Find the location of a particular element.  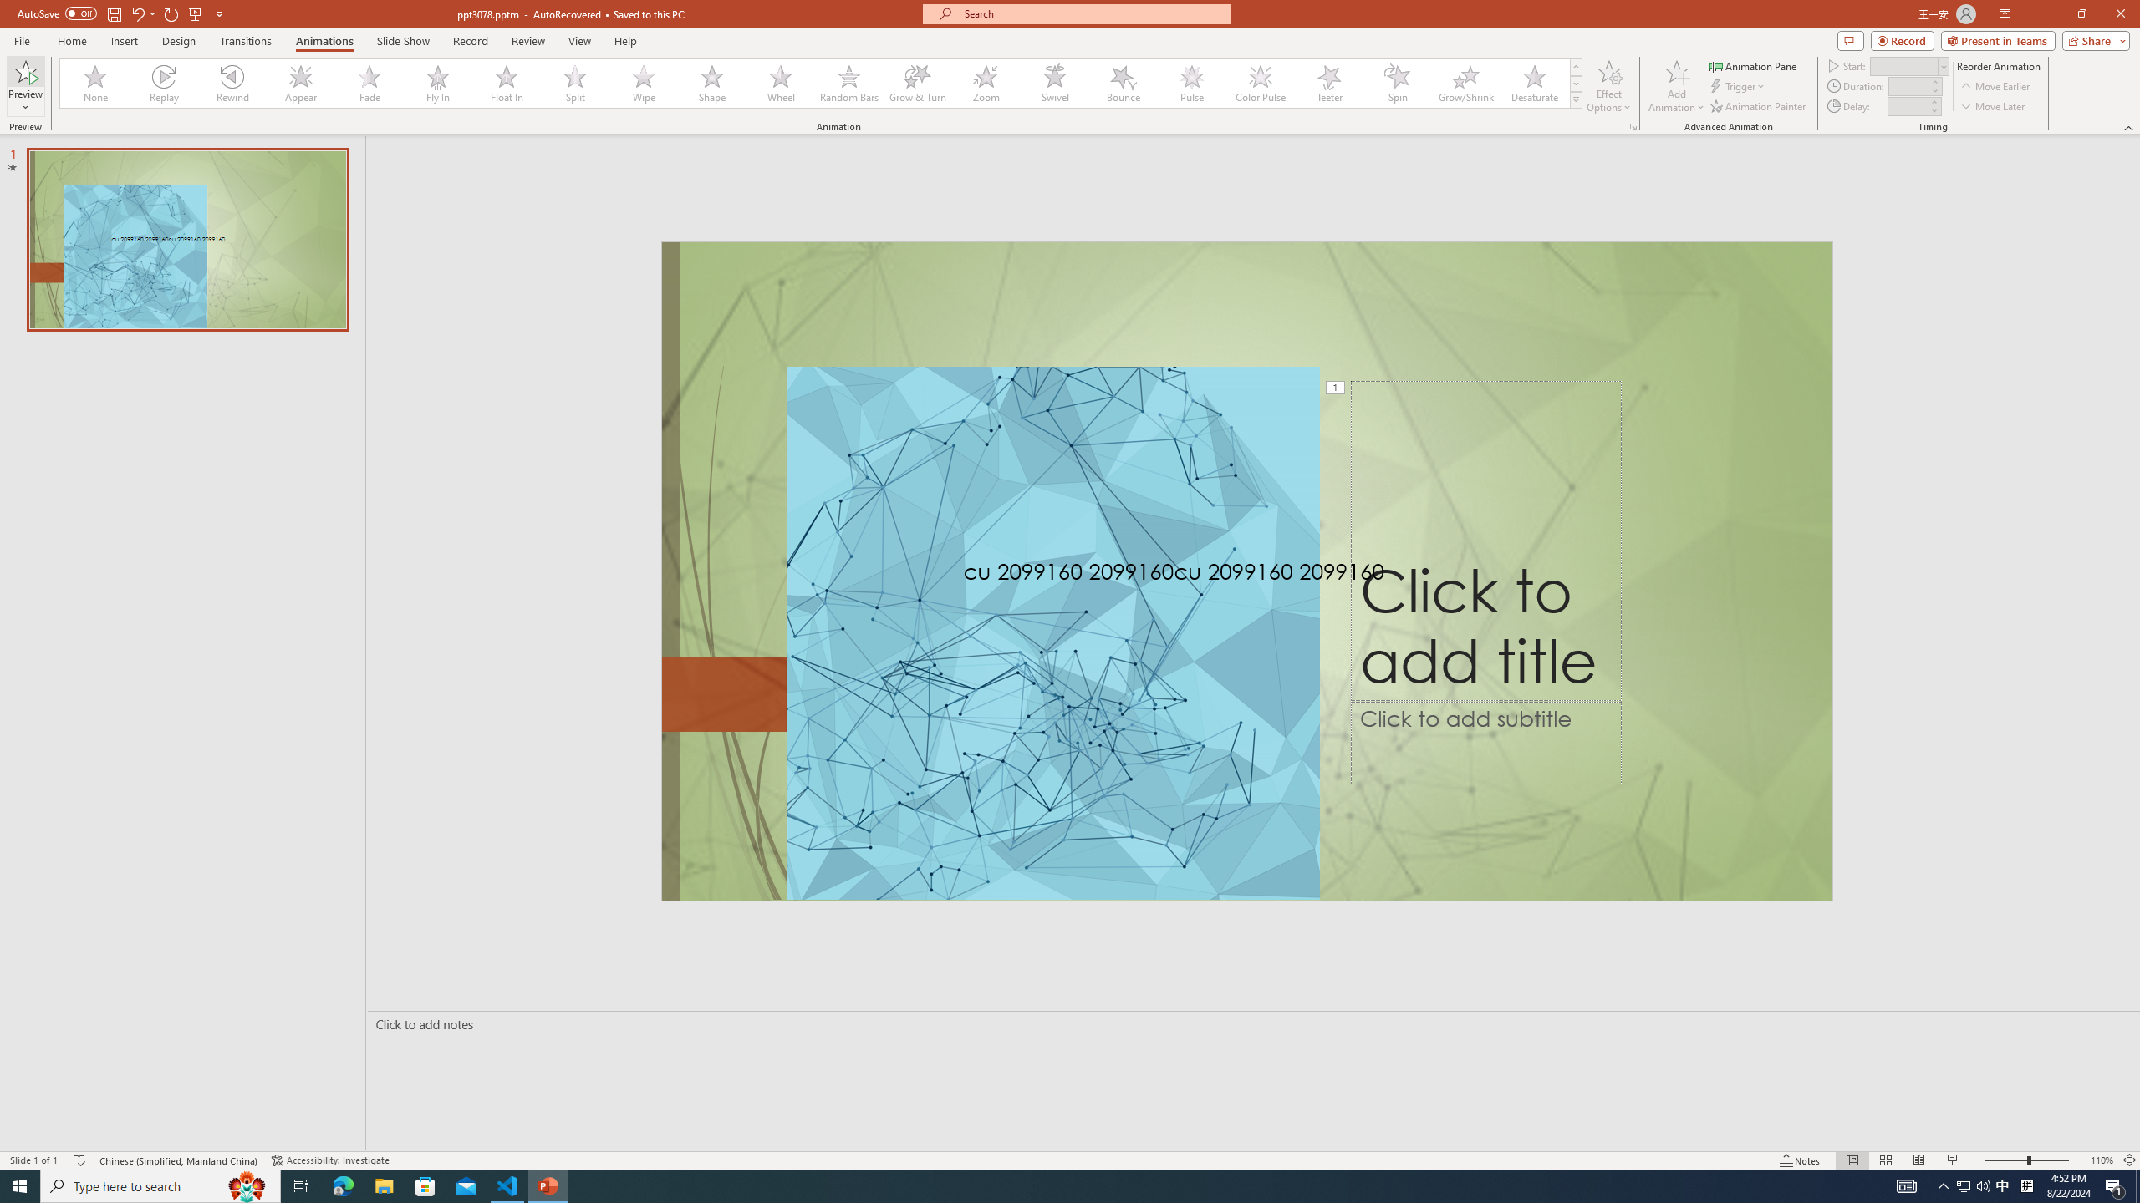

'Desaturate' is located at coordinates (1533, 83).